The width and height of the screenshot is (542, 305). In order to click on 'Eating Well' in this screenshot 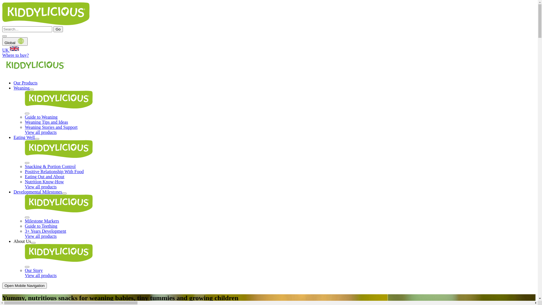, I will do `click(24, 137)`.